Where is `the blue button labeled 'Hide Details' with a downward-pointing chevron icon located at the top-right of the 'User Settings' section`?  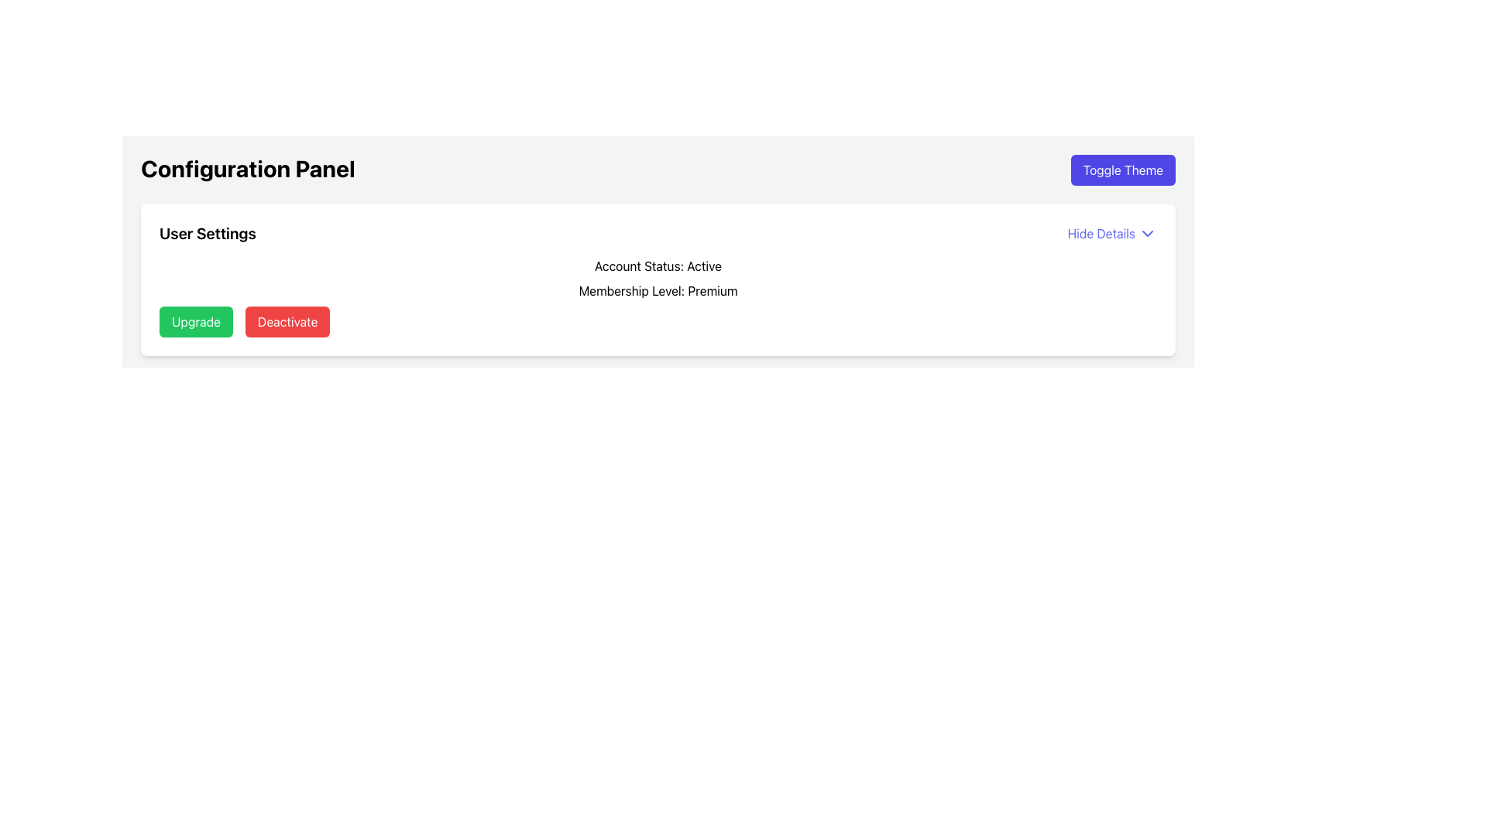 the blue button labeled 'Hide Details' with a downward-pointing chevron icon located at the top-right of the 'User Settings' section is located at coordinates (1111, 233).